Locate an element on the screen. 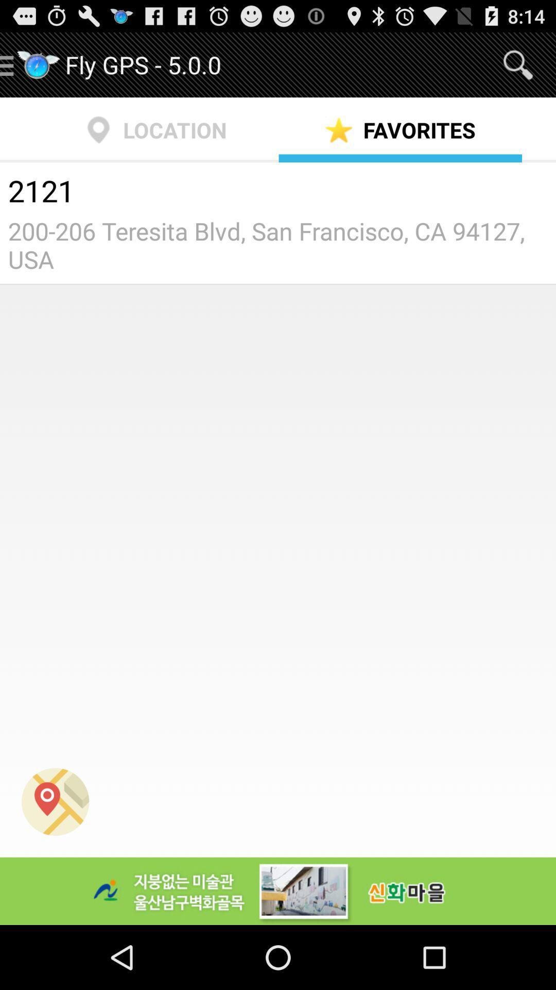 The height and width of the screenshot is (990, 556). the 200 206 teresita item is located at coordinates (278, 244).